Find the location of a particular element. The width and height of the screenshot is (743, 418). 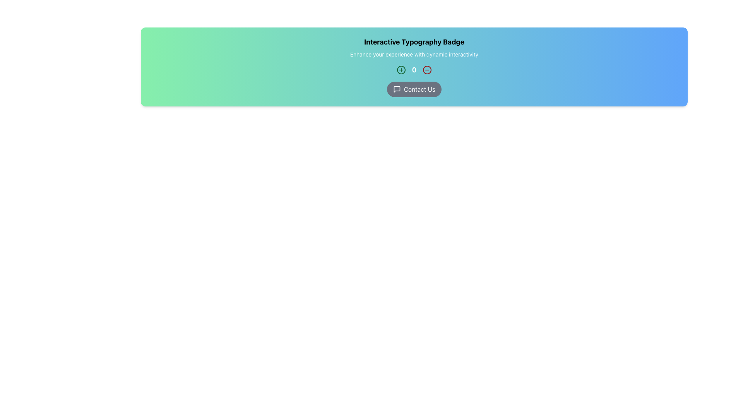

the SVG icon within the 'Contact Us' button, which visually supports the messaging functionality and is positioned towards the left end, acting as a decorative image before the text label is located at coordinates (397, 89).